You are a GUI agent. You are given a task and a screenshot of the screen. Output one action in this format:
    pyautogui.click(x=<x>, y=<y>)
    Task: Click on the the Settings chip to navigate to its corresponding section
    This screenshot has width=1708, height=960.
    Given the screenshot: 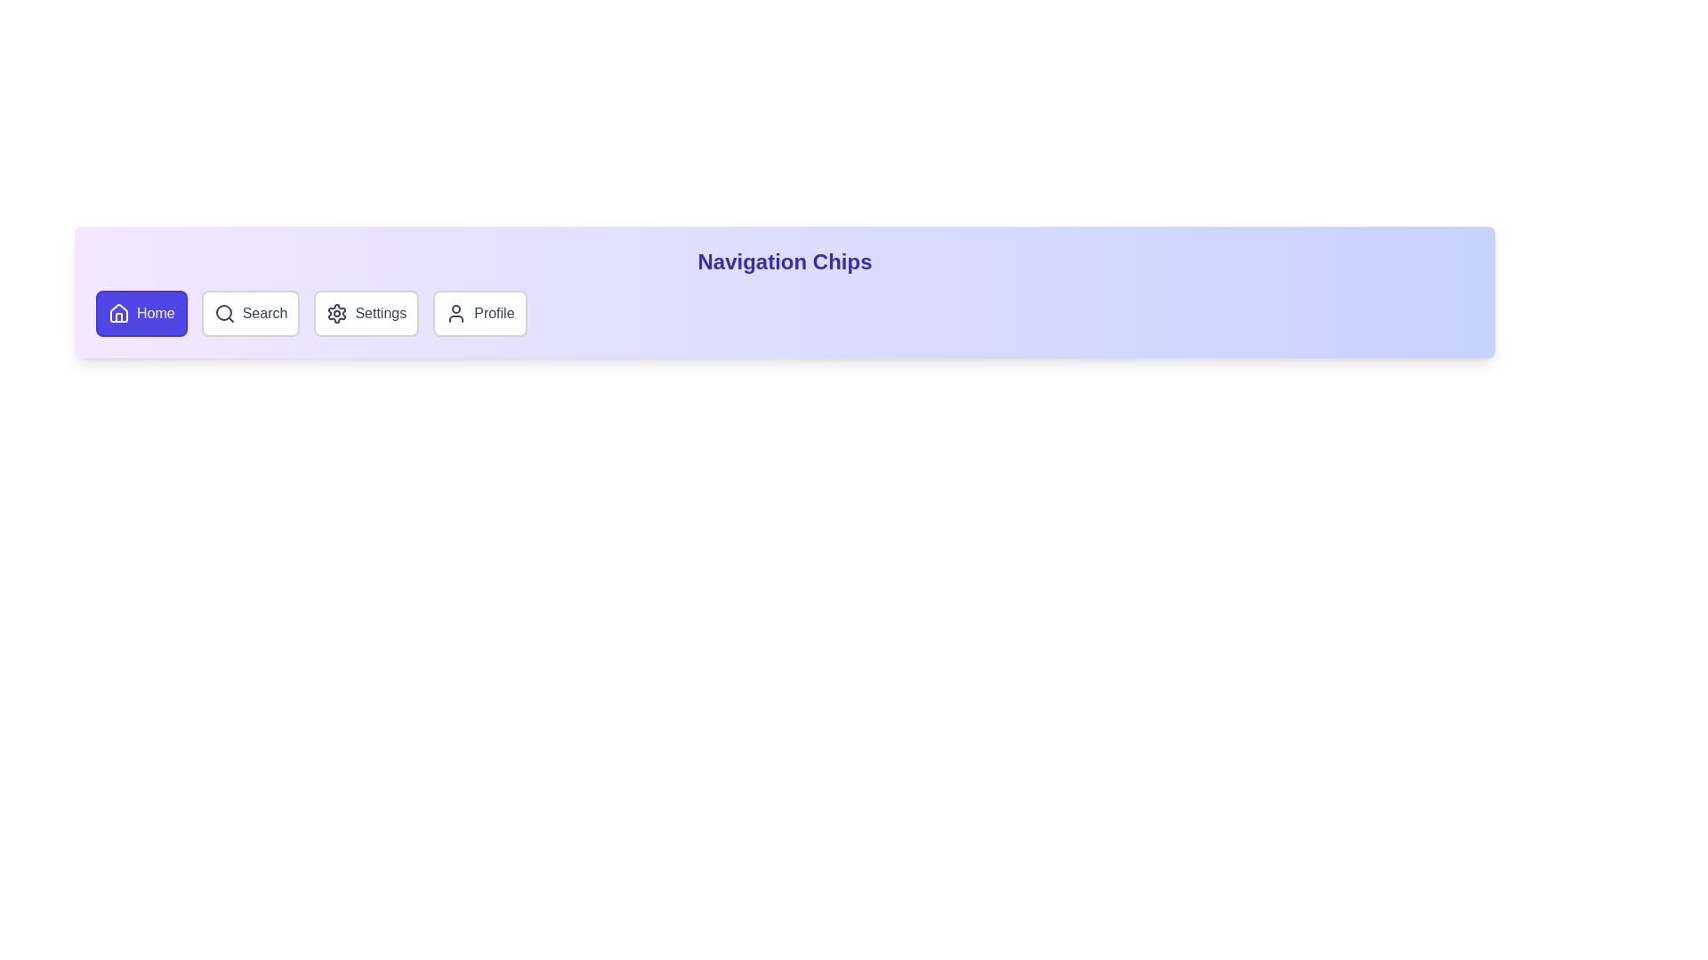 What is the action you would take?
    pyautogui.click(x=366, y=313)
    